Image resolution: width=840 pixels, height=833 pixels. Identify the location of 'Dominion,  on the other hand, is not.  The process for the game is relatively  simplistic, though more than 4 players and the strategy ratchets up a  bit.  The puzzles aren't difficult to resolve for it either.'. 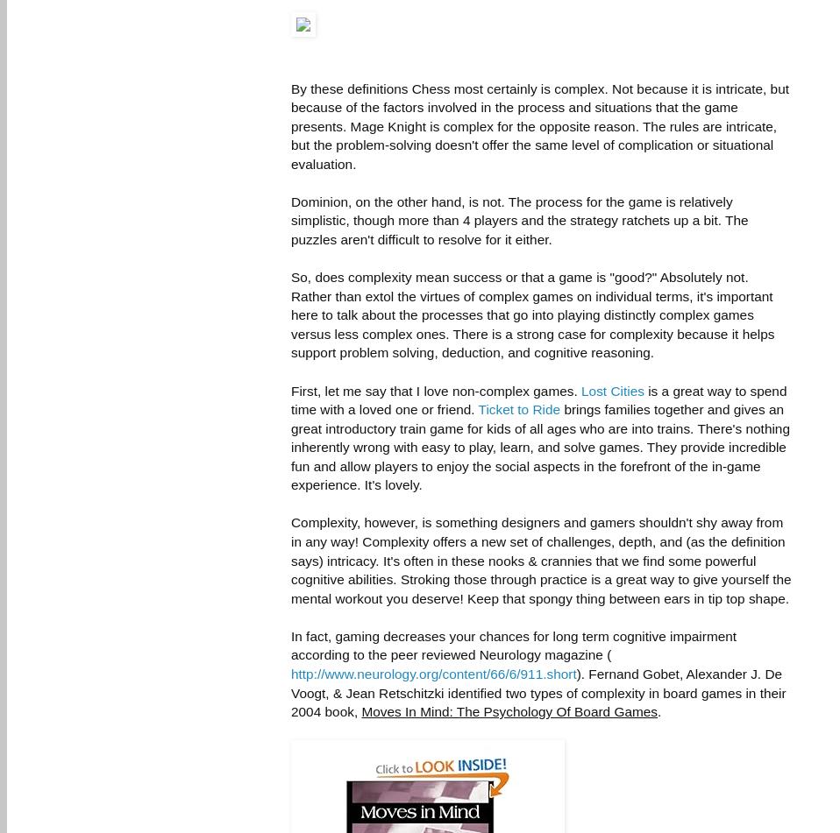
(519, 220).